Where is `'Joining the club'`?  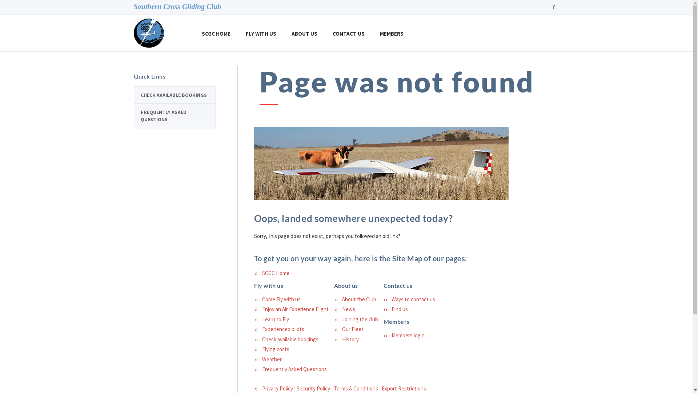
'Joining the club' is located at coordinates (360, 319).